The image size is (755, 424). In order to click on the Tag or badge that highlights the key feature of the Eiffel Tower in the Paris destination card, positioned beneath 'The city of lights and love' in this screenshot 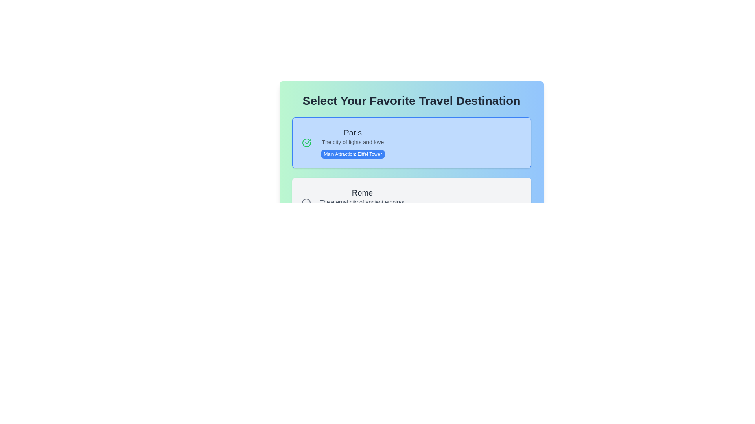, I will do `click(352, 154)`.